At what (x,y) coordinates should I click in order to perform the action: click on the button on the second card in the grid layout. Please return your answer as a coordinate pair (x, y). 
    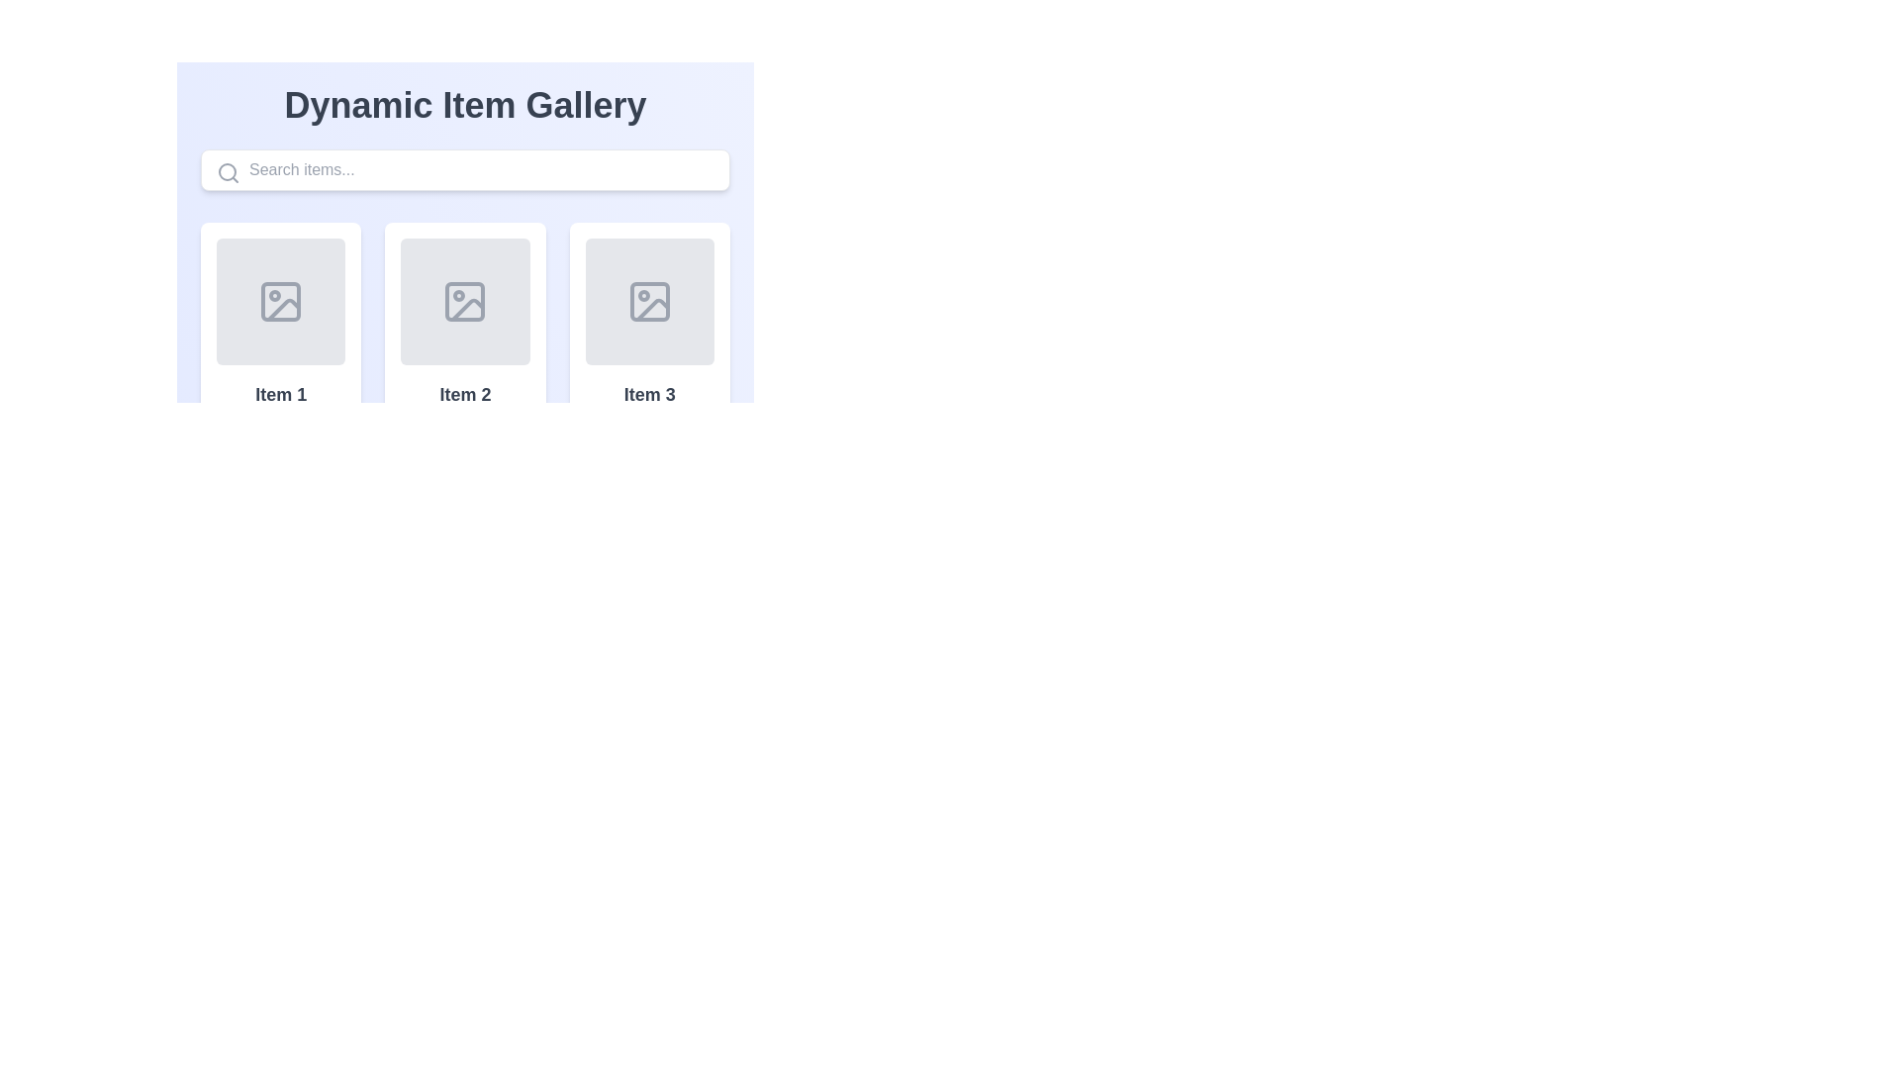
    Looking at the image, I should click on (464, 374).